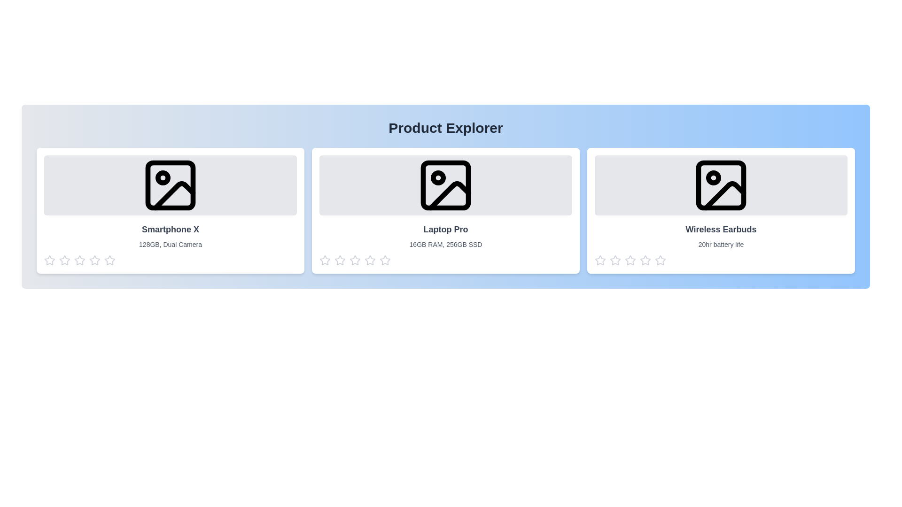  I want to click on the product name Smartphone X, so click(171, 230).